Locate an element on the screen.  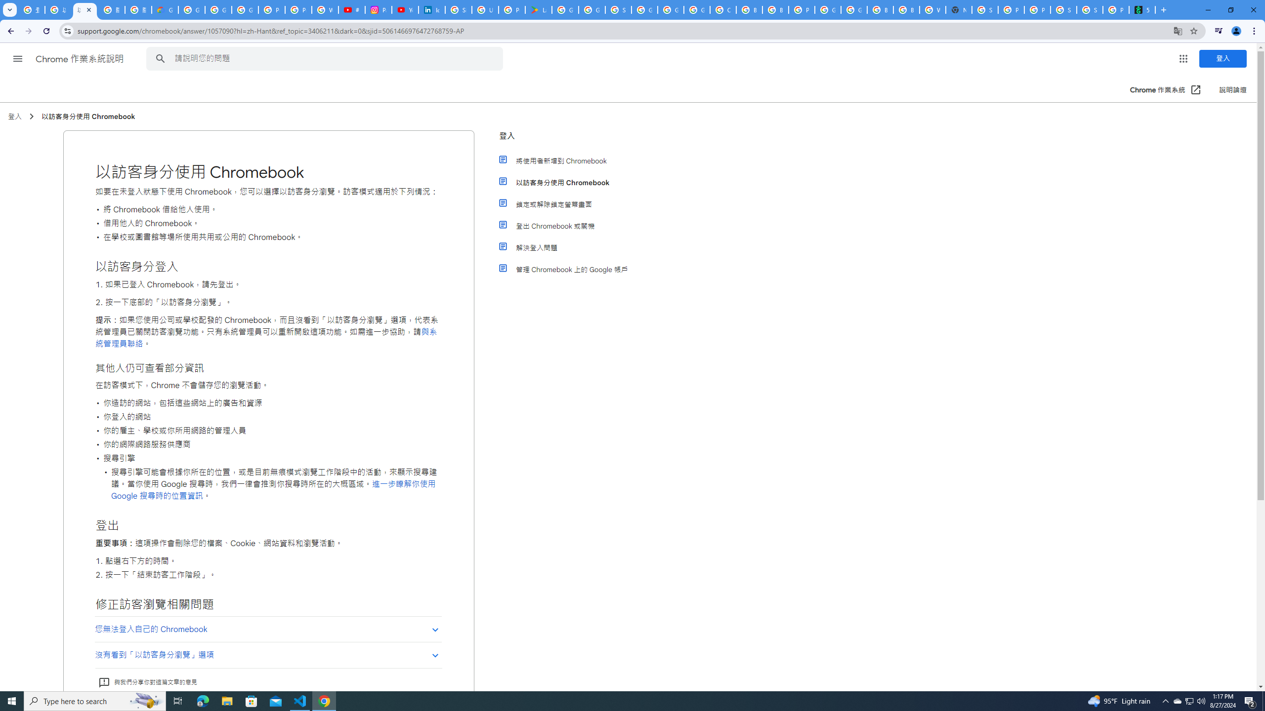
'Browse Chrome as a guest - Computer - Google Chrome Help' is located at coordinates (880, 9).